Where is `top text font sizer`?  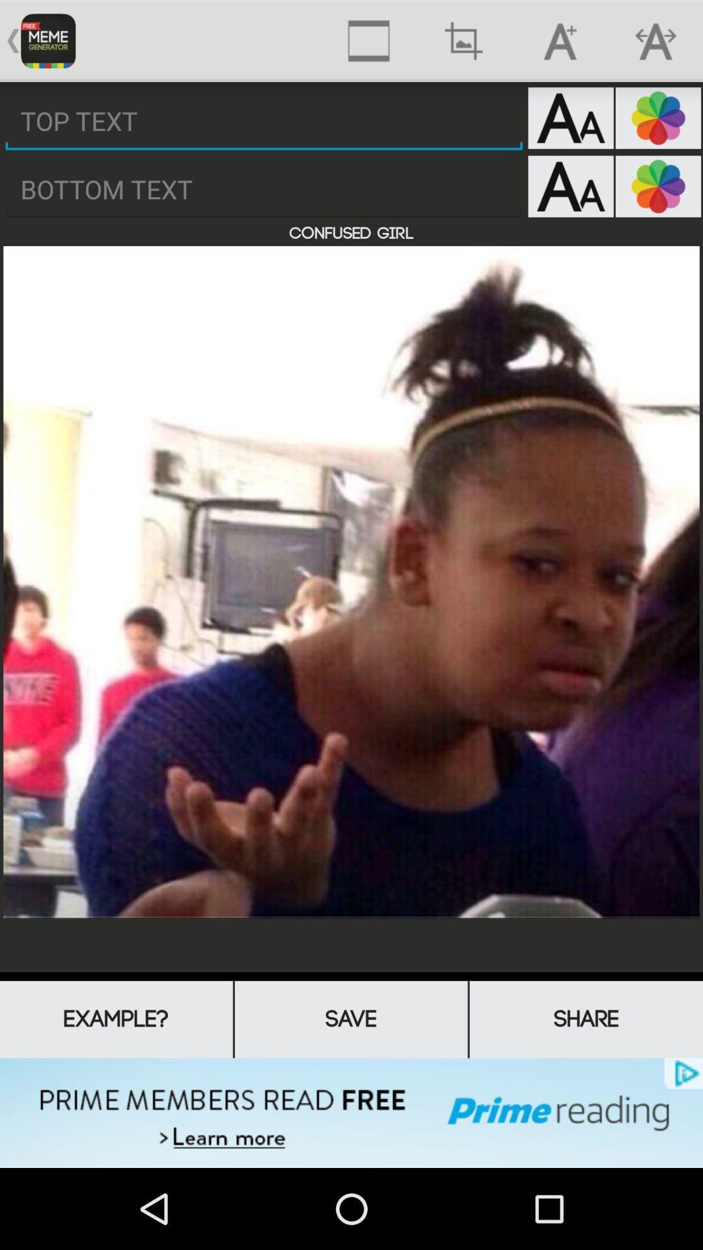 top text font sizer is located at coordinates (570, 118).